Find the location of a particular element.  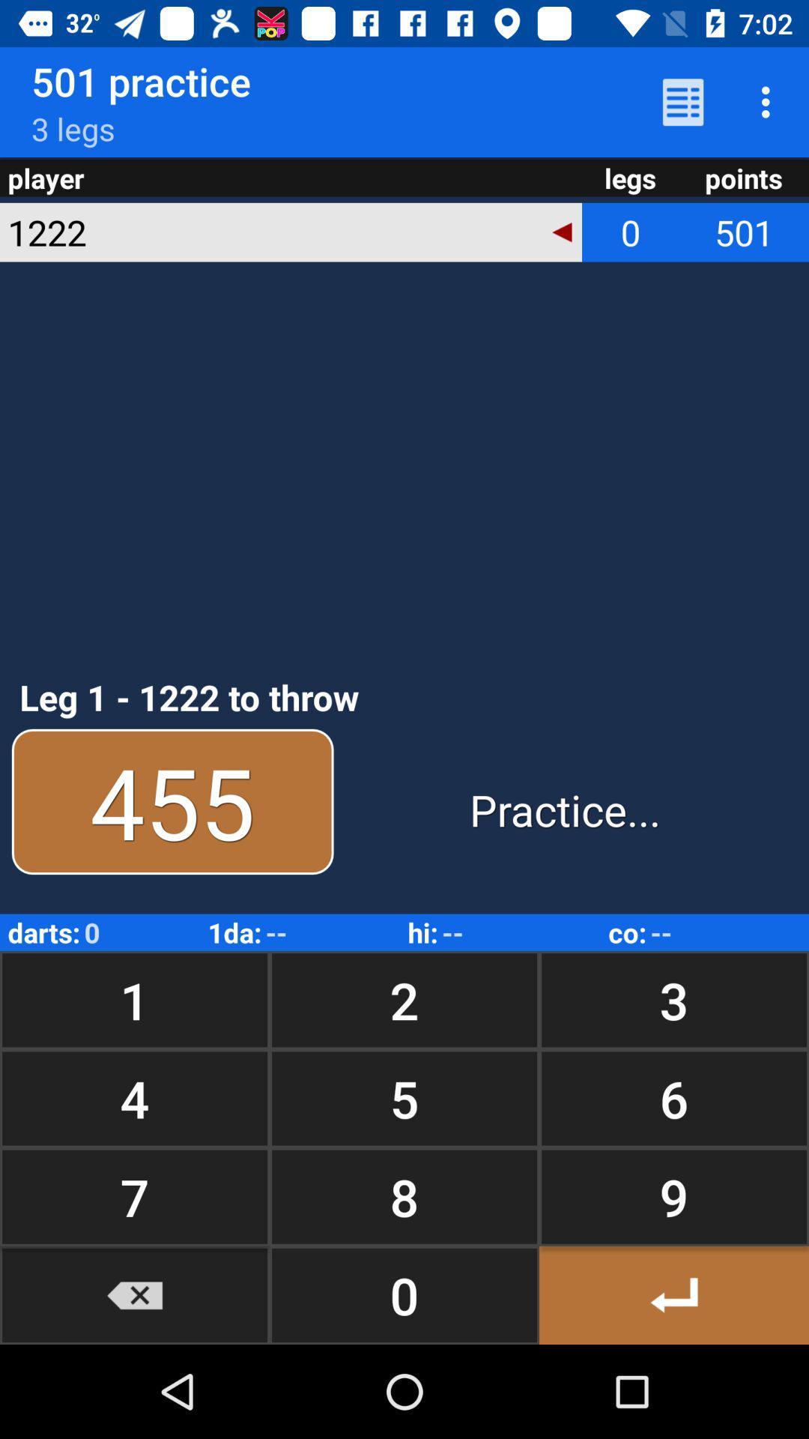

the item next to 8 button is located at coordinates (673, 1294).